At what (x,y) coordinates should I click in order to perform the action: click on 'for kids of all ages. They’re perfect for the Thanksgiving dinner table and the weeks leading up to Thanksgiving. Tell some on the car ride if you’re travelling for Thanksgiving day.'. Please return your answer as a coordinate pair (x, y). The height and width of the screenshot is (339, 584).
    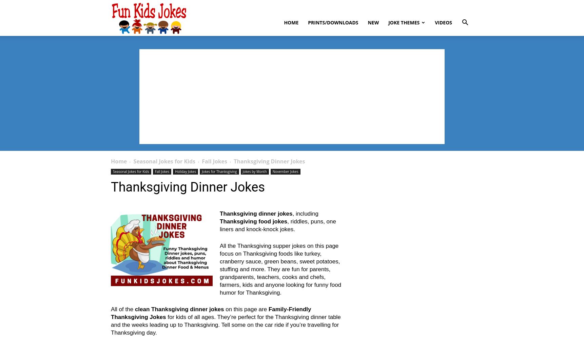
    Looking at the image, I should click on (226, 324).